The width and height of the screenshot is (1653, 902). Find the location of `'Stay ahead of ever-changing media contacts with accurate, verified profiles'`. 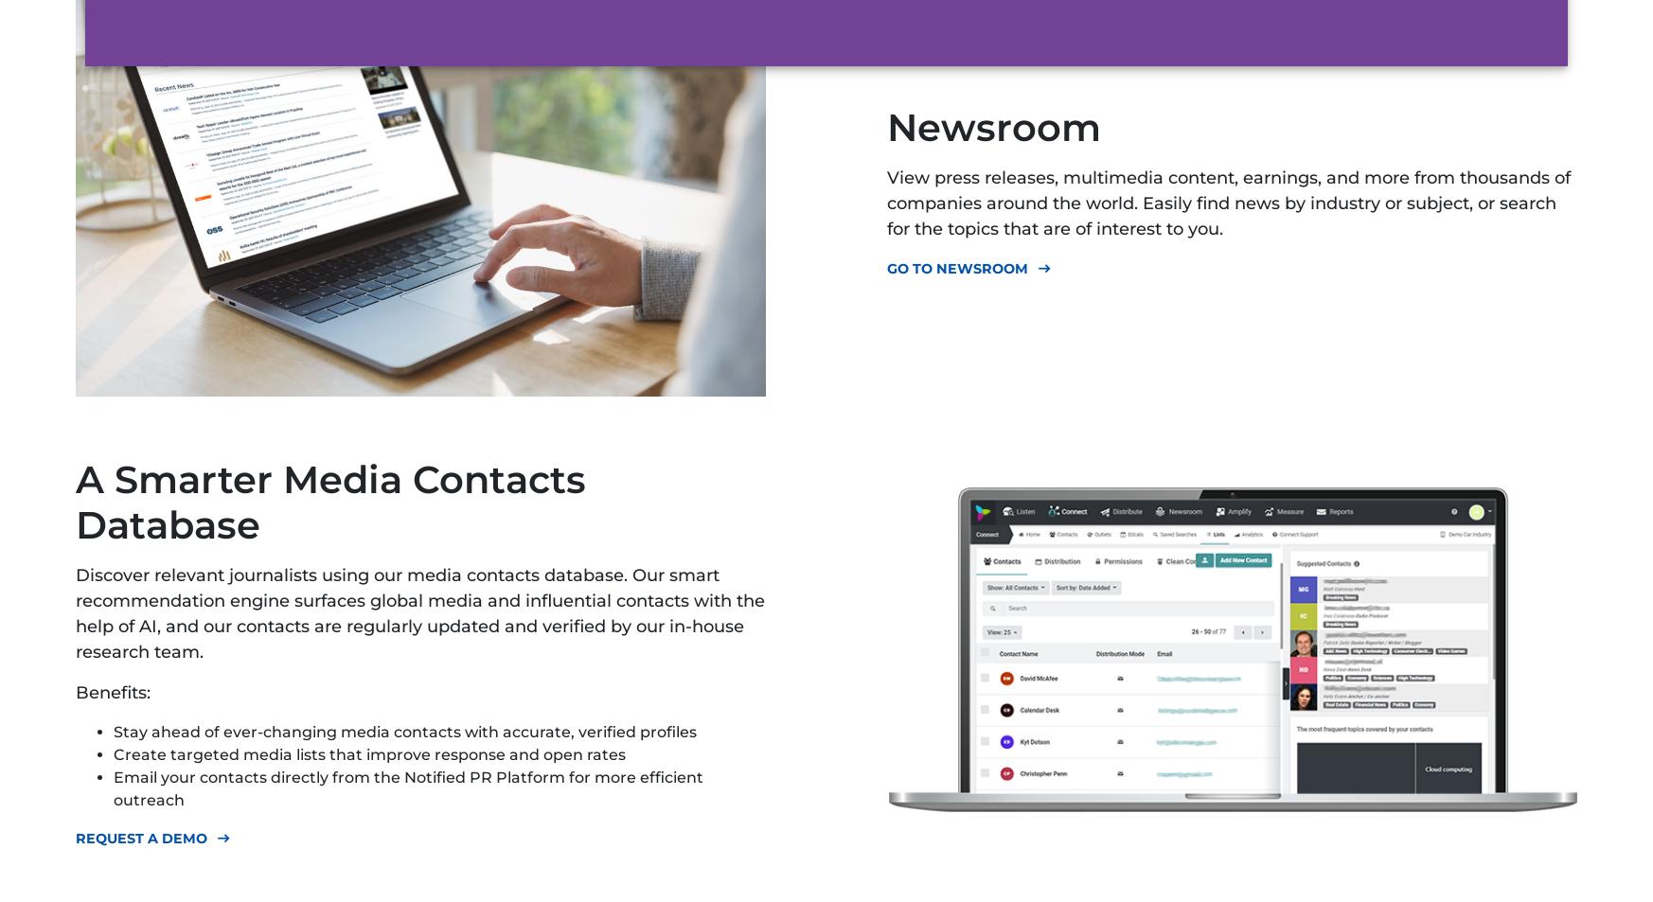

'Stay ahead of ever-changing media contacts with accurate, verified profiles' is located at coordinates (403, 731).